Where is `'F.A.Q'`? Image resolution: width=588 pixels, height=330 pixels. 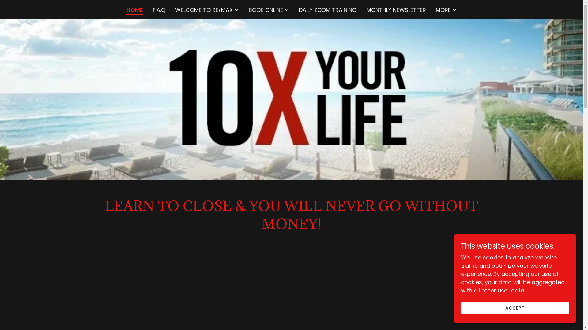
'F.A.Q' is located at coordinates (151, 10).